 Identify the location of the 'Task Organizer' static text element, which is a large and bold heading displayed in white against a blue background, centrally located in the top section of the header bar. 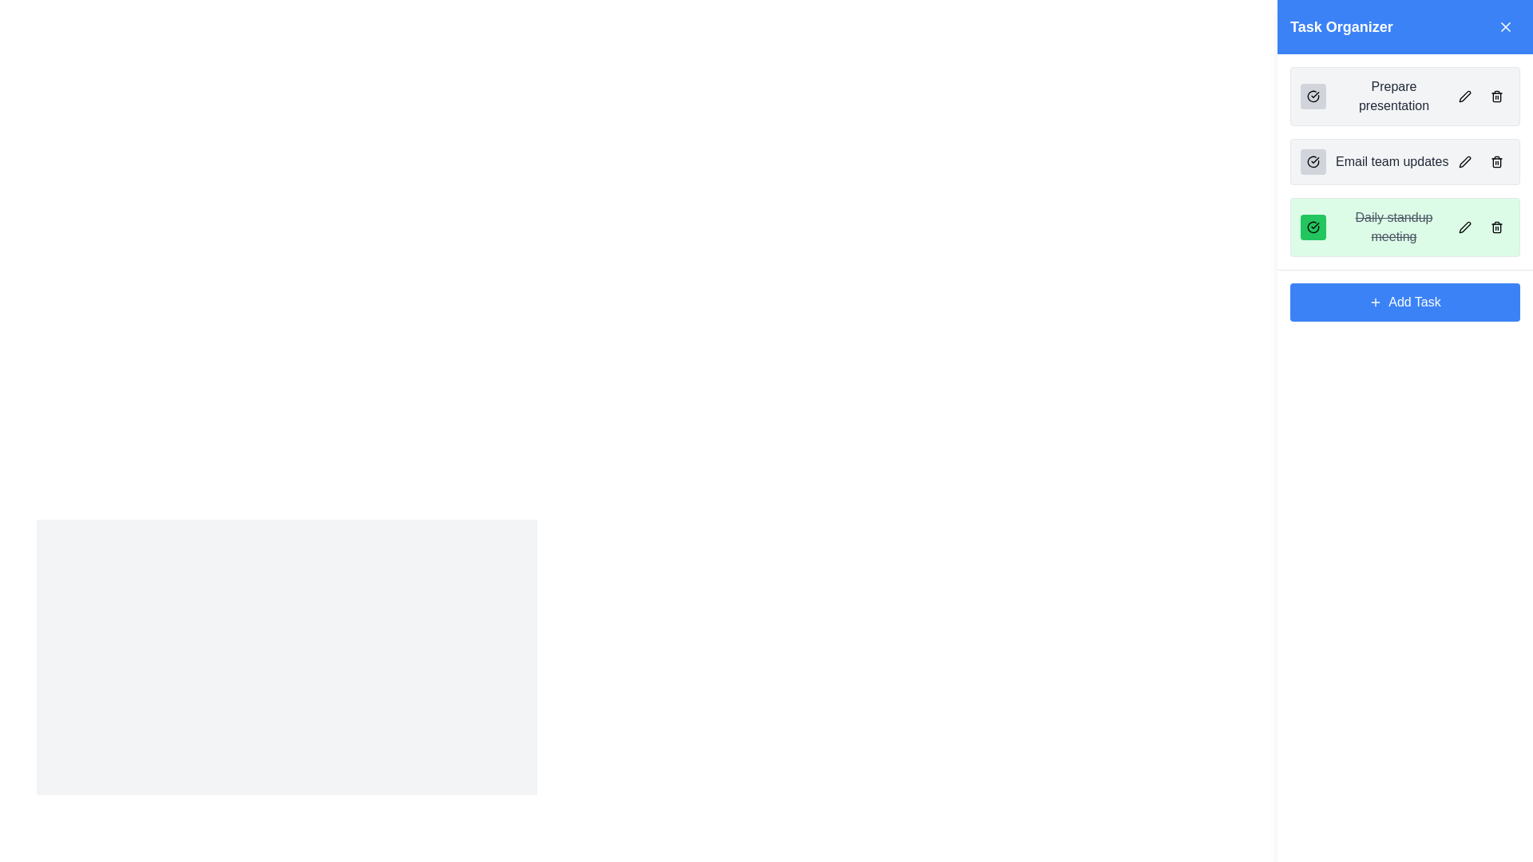
(1341, 27).